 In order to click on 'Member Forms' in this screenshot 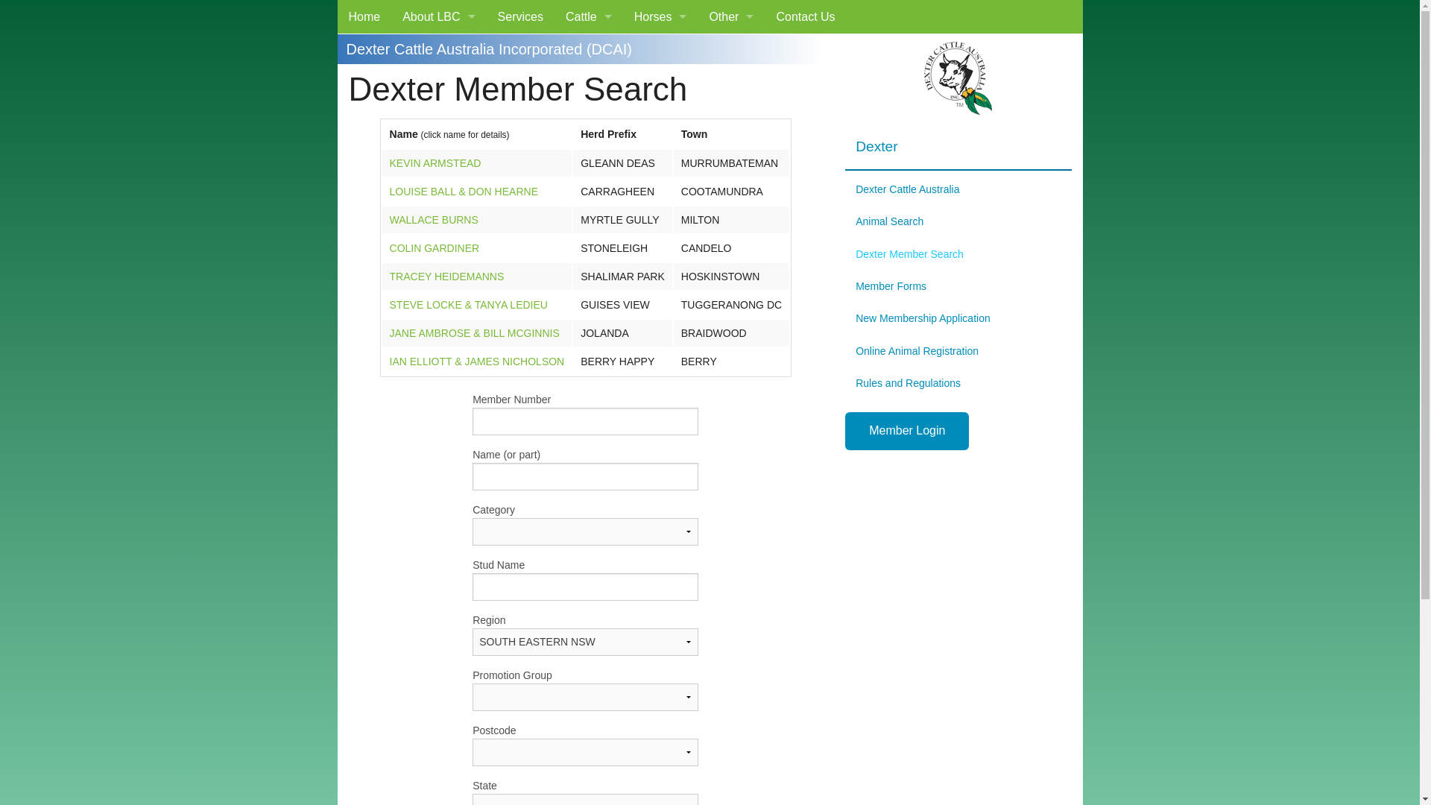, I will do `click(844, 286)`.